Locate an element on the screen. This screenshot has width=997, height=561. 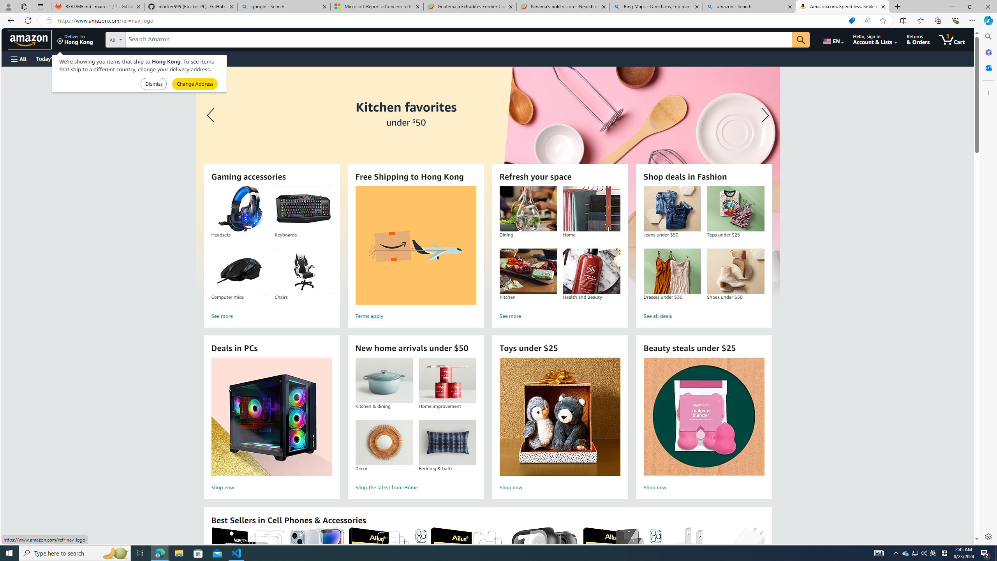
'Side bar' is located at coordinates (988, 286).